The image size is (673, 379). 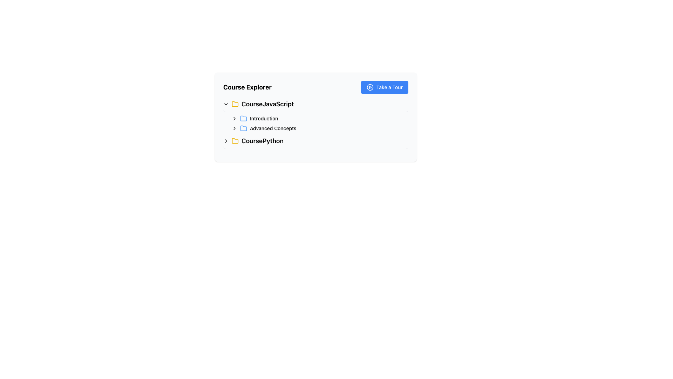 What do you see at coordinates (319, 118) in the screenshot?
I see `the 'Introduction' list item, which is the first item under the 'CourseJavaScript' group` at bounding box center [319, 118].